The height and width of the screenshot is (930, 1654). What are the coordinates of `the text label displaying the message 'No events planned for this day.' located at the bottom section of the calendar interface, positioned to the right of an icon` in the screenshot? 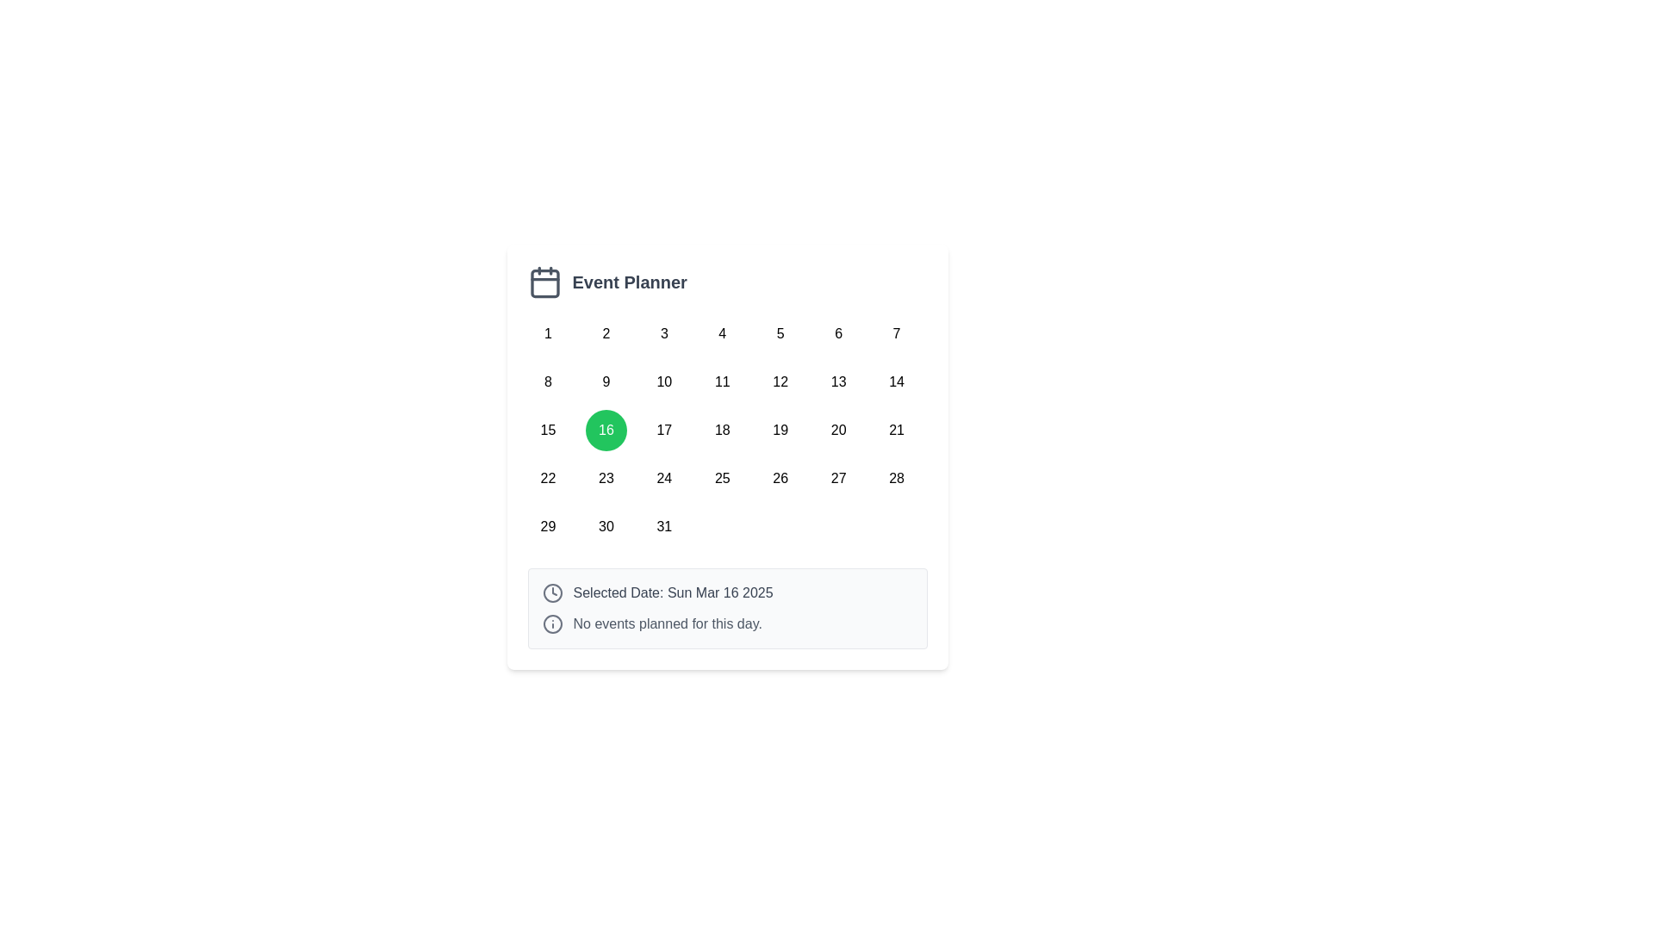 It's located at (667, 624).